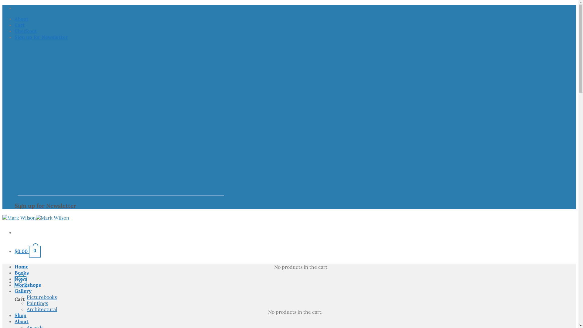 The height and width of the screenshot is (328, 583). Describe the element at coordinates (15, 321) in the screenshot. I see `'About'` at that location.